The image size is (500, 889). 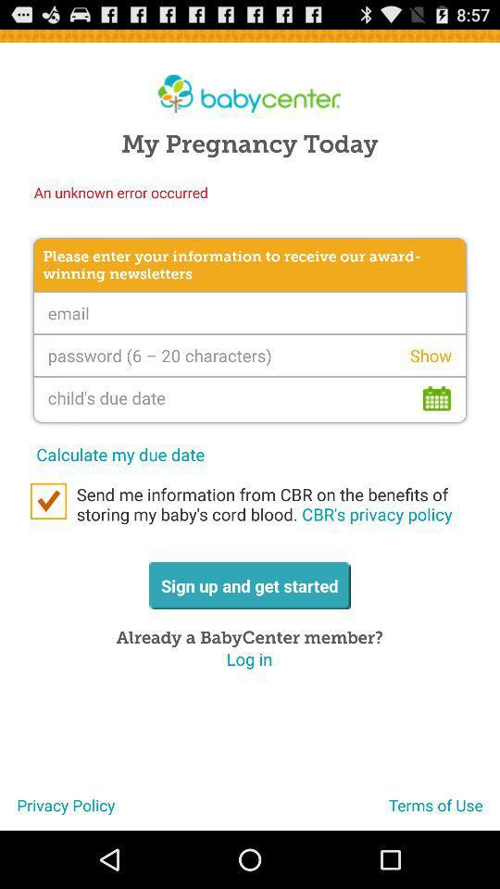 I want to click on the icon above calculate my due app, so click(x=250, y=399).